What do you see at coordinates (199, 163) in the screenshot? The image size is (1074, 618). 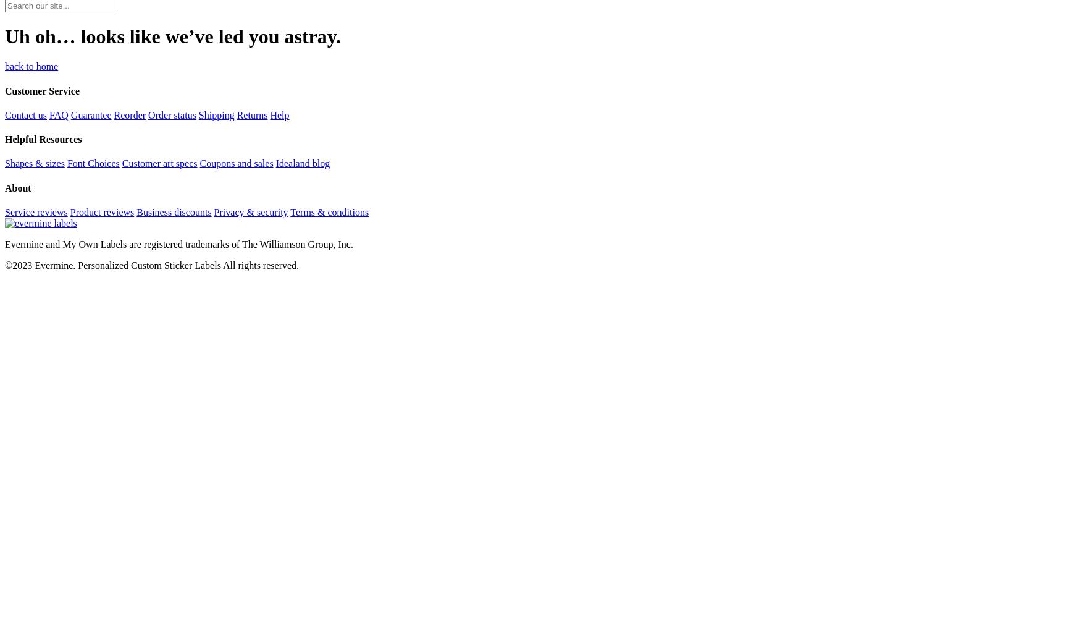 I see `'Coupons and sales'` at bounding box center [199, 163].